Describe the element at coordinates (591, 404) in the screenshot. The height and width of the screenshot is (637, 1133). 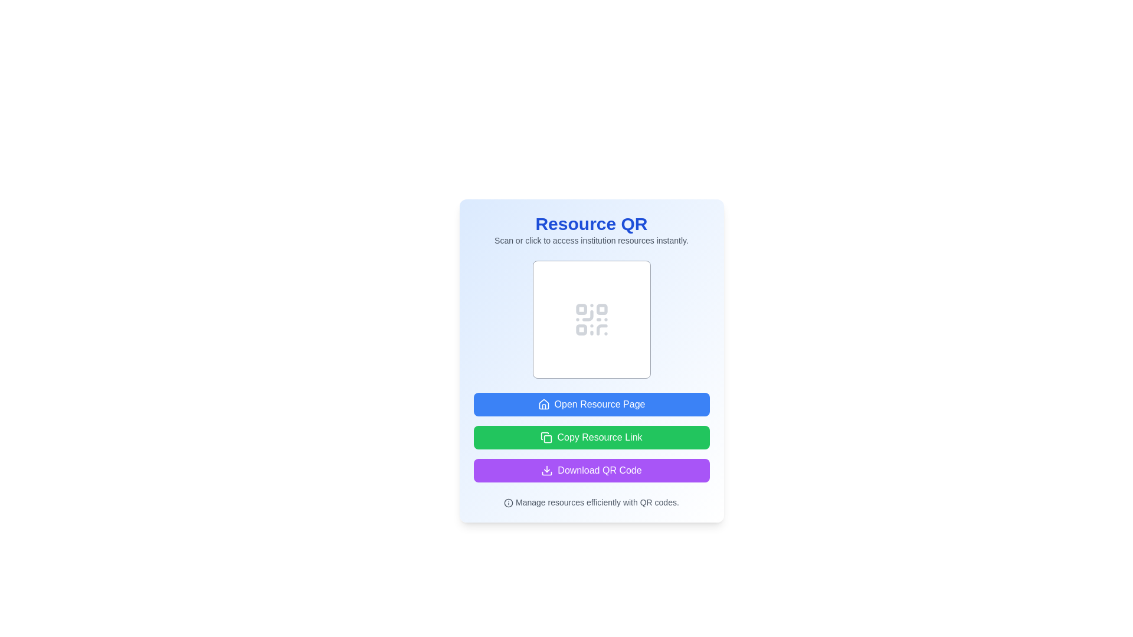
I see `the 'Open Resource Page' button, which is a blue button with rounded corners located at the top of the button list` at that location.